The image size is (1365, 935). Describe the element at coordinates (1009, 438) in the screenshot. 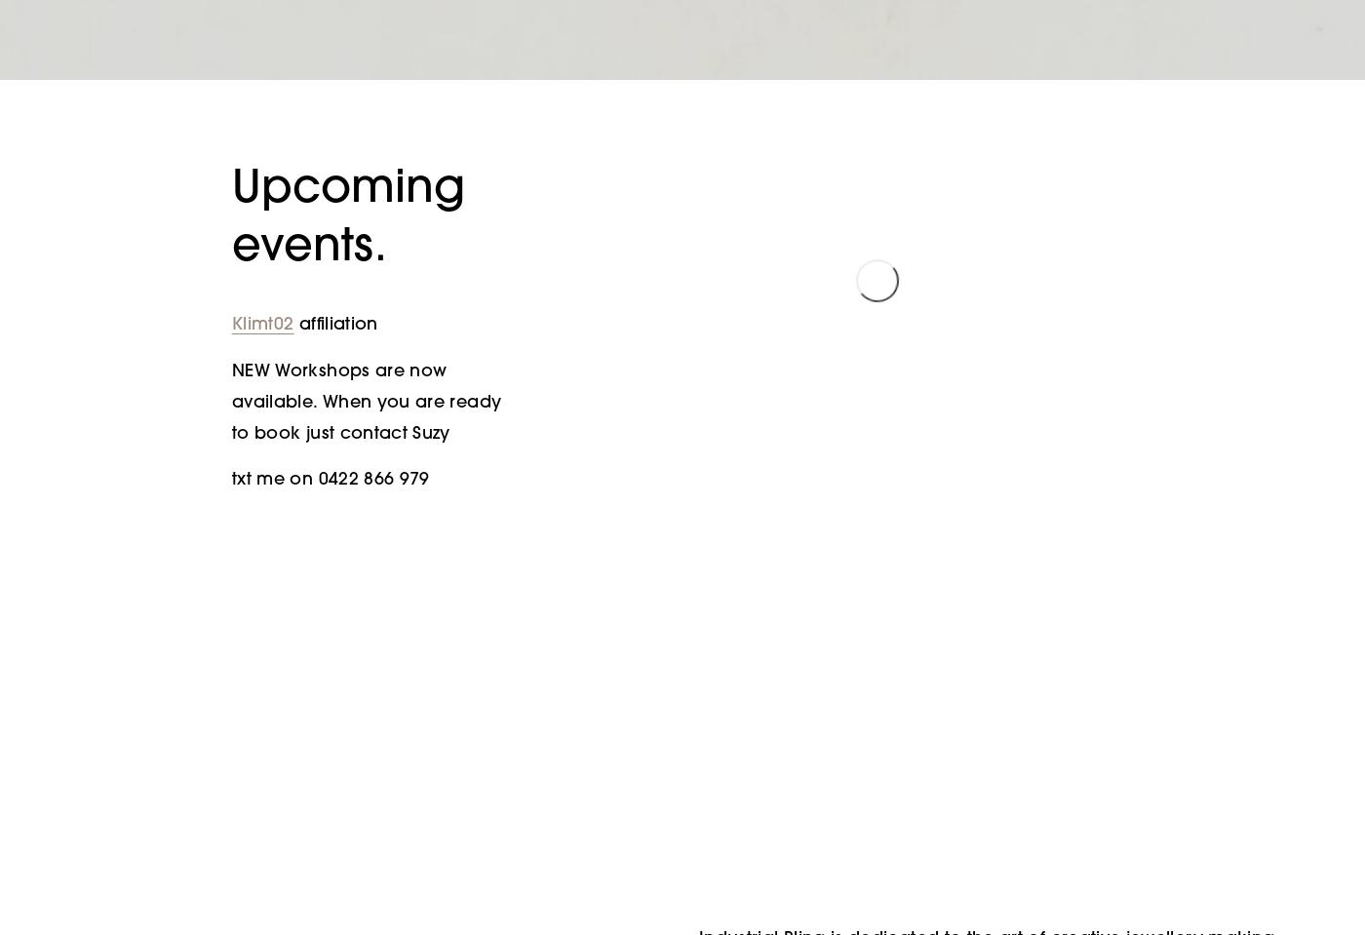

I see `'17'` at that location.